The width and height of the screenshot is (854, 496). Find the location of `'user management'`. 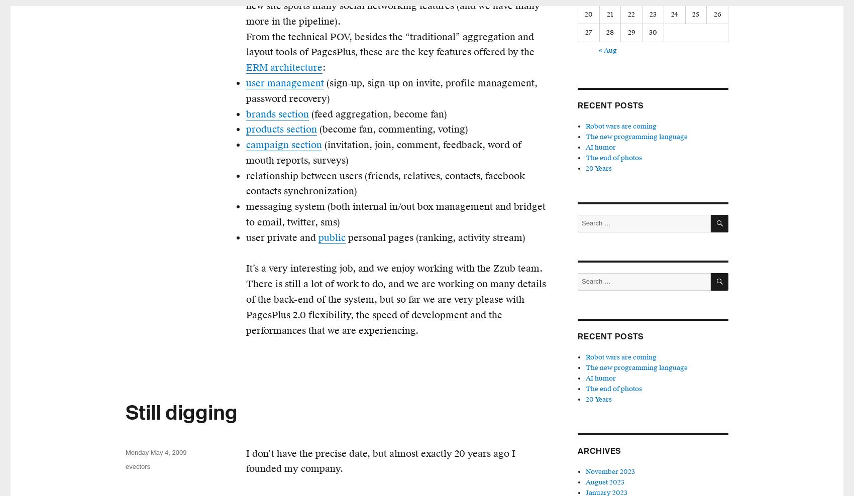

'user management' is located at coordinates (284, 82).